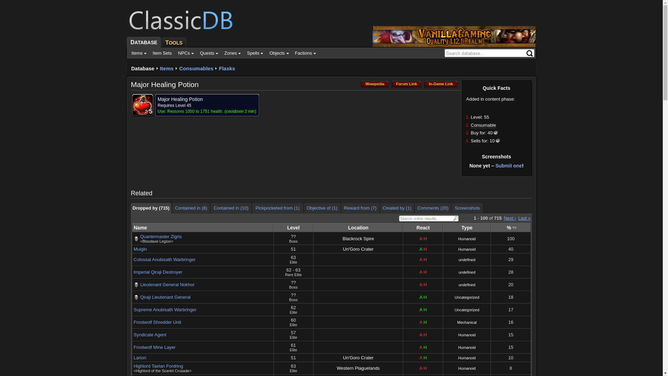 Image resolution: width=668 pixels, height=376 pixels. Describe the element at coordinates (457, 322) in the screenshot. I see `'Mechanical'` at that location.